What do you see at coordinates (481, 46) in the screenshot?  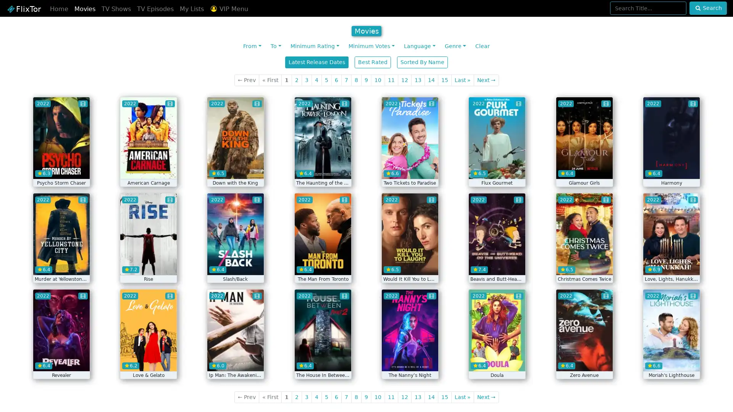 I see `Clear` at bounding box center [481, 46].